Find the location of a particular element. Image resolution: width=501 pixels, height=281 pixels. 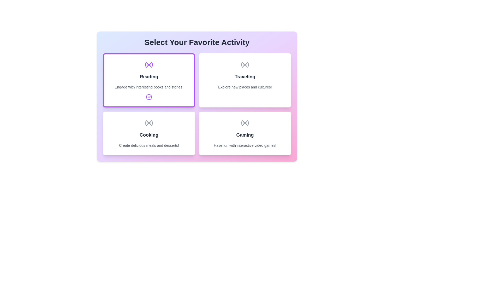

the 'Traveling' selectable card, which is the second card in a grid of four, featuring an icon of signal waves, a bold title, and a white background with rounded corners is located at coordinates (245, 80).